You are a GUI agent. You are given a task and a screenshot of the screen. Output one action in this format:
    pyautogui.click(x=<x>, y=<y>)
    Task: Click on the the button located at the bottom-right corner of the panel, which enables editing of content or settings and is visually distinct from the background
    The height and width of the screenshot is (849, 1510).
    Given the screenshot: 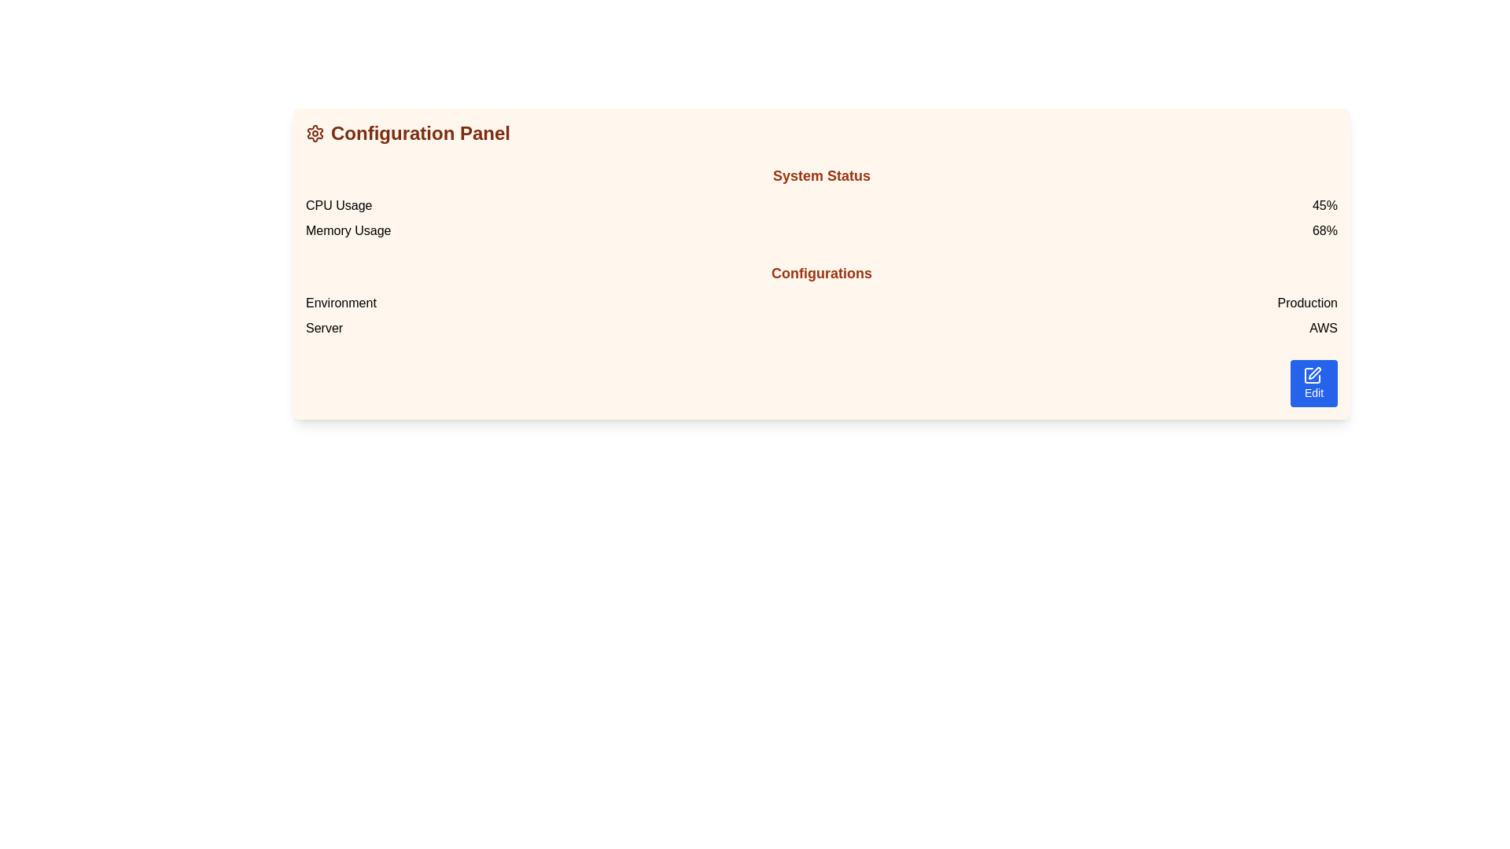 What is the action you would take?
    pyautogui.click(x=1313, y=384)
    